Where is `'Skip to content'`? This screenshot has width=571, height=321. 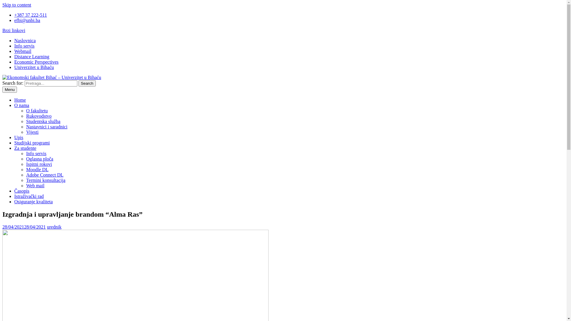 'Skip to content' is located at coordinates (17, 5).